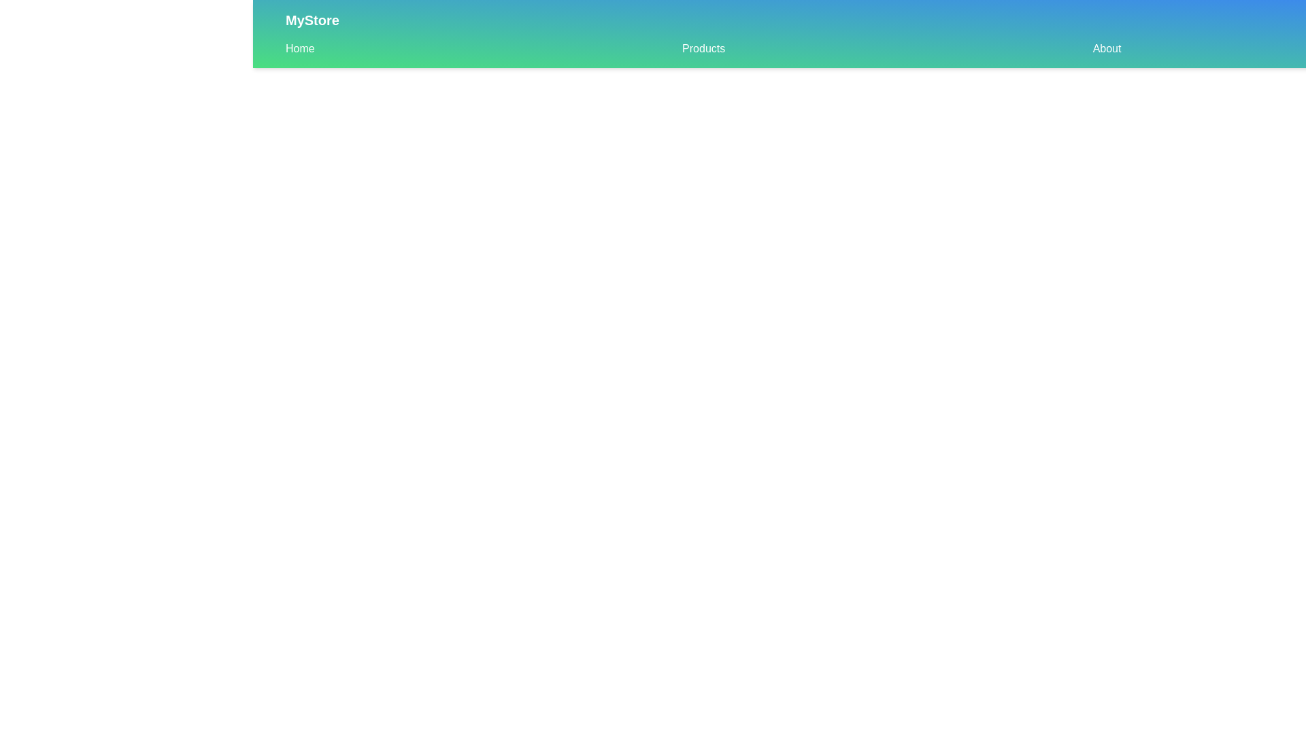  I want to click on the Products navigation link in the sub-navigation bar, so click(703, 48).